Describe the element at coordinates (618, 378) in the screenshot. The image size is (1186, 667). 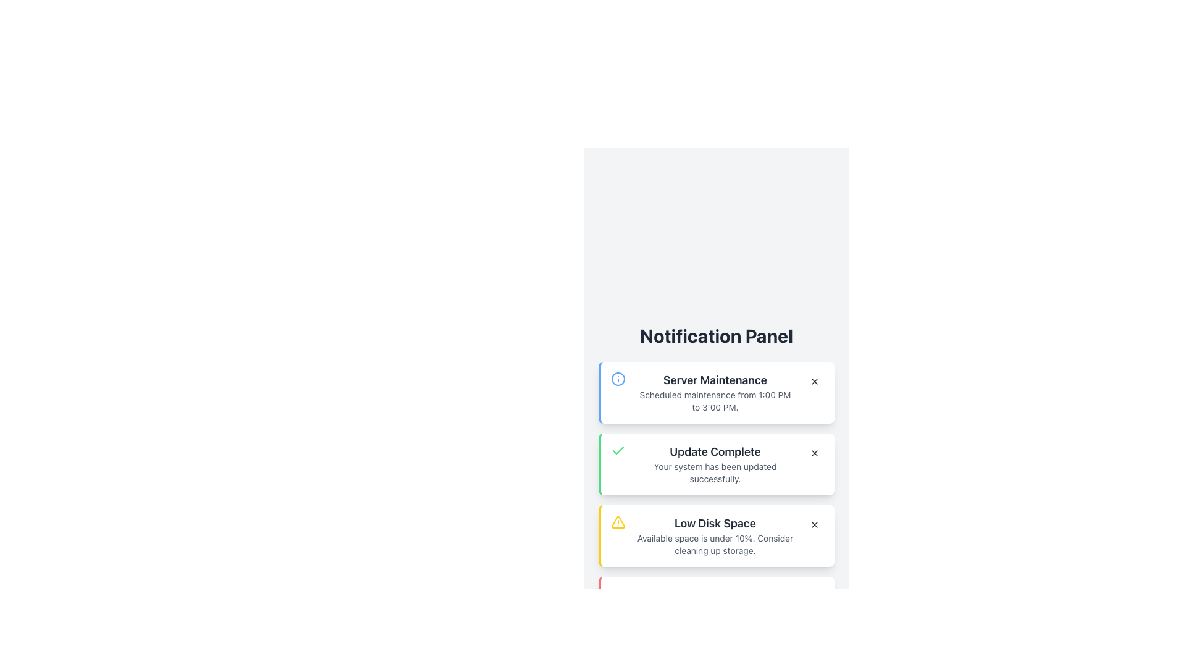
I see `the circular icon element with a blue outline located at the top-left corner of the 'Server Maintenance' card in the notification panel` at that location.